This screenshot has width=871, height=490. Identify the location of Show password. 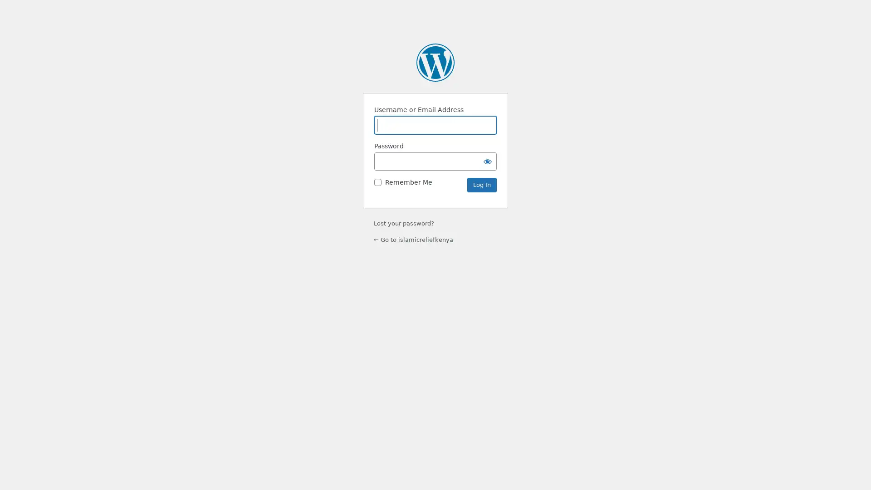
(487, 161).